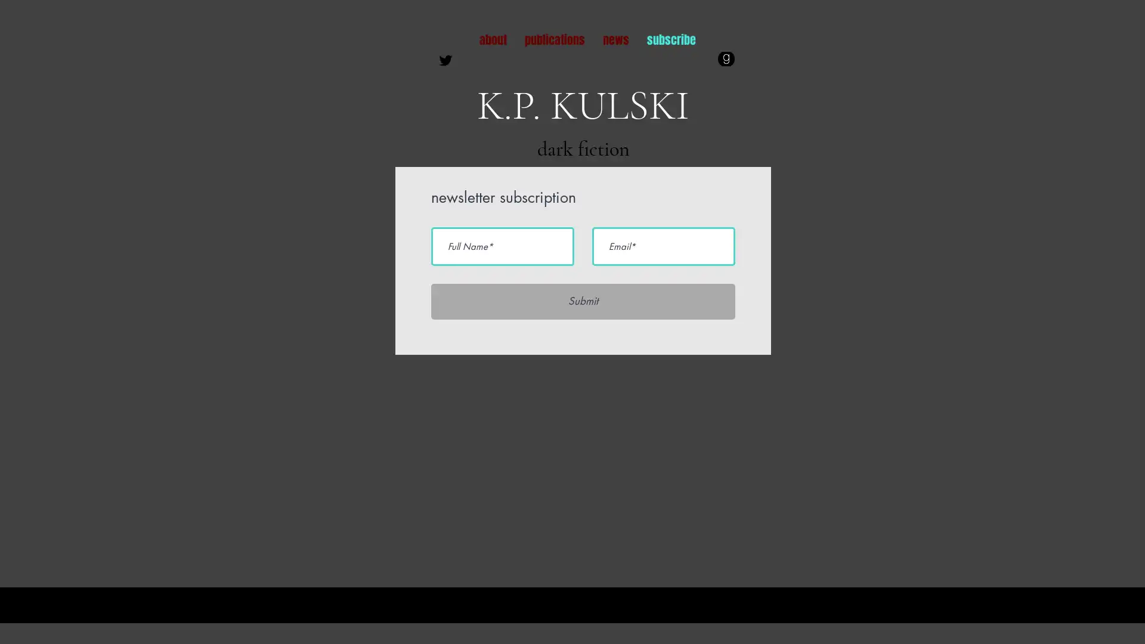 Image resolution: width=1145 pixels, height=644 pixels. What do you see at coordinates (583, 301) in the screenshot?
I see `Submit` at bounding box center [583, 301].